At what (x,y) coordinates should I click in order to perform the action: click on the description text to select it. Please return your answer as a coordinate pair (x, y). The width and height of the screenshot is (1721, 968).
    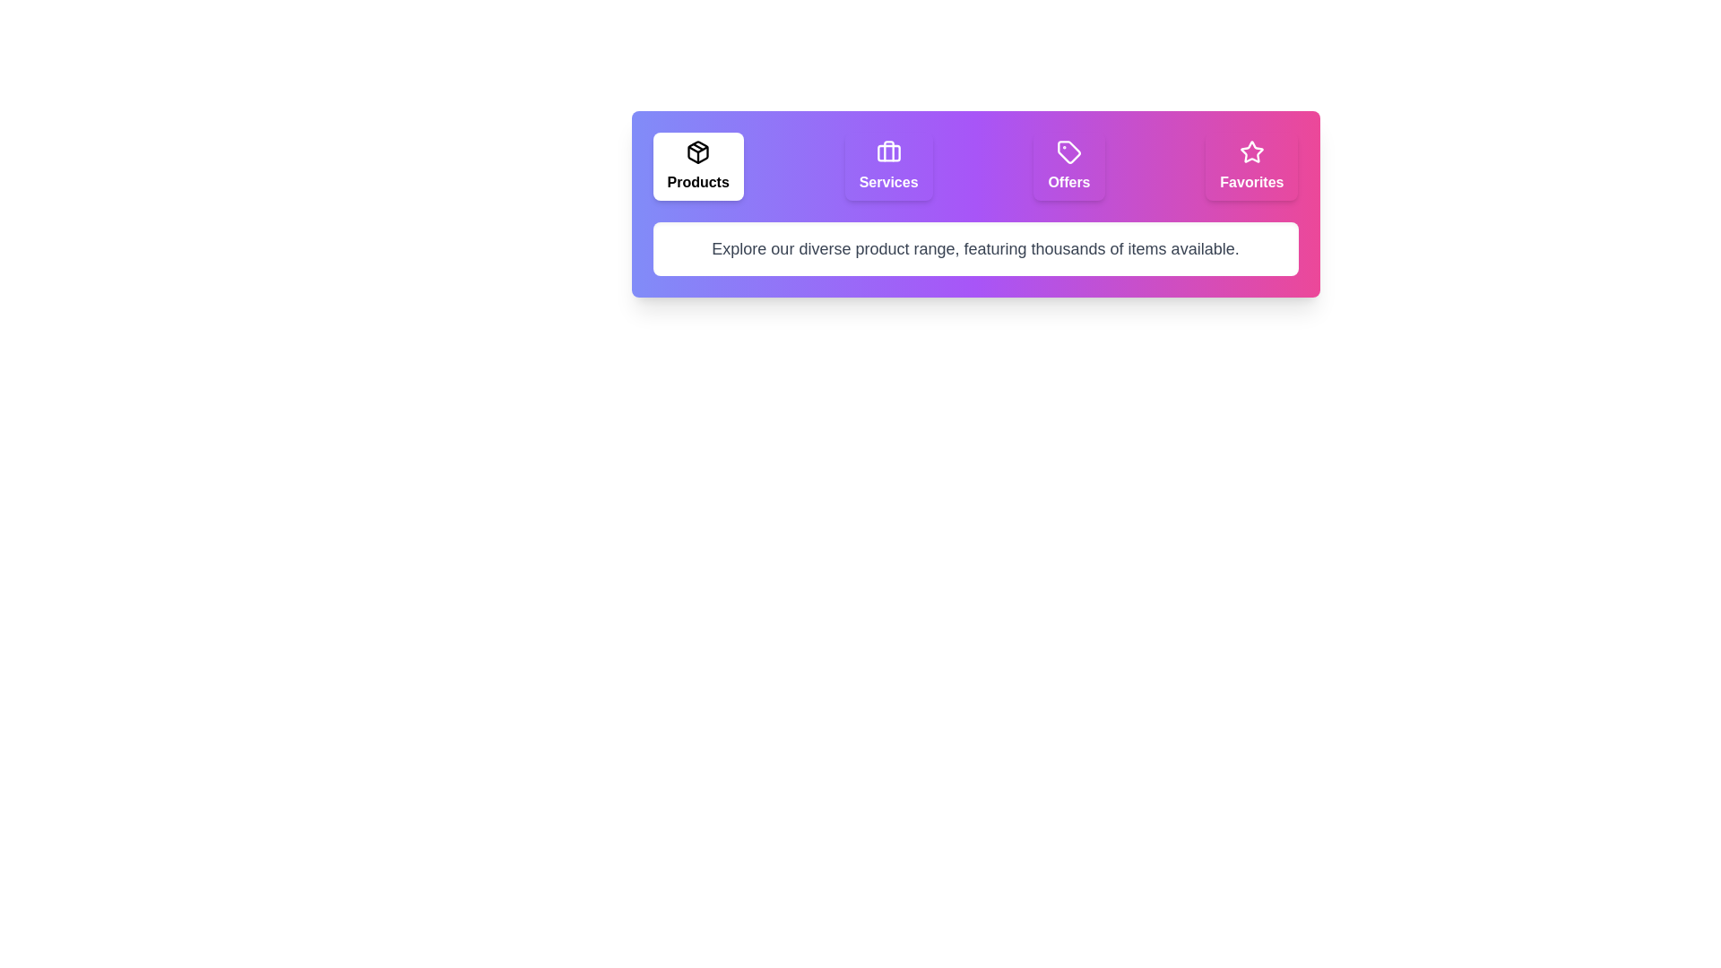
    Looking at the image, I should click on (974, 248).